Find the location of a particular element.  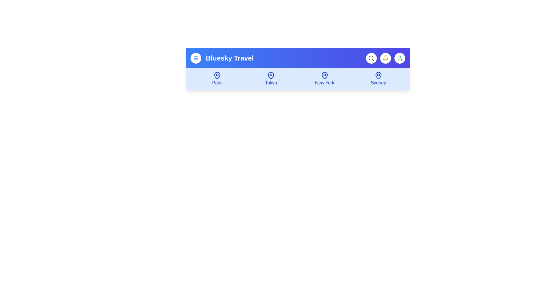

the destination icon for Sydney is located at coordinates (378, 79).